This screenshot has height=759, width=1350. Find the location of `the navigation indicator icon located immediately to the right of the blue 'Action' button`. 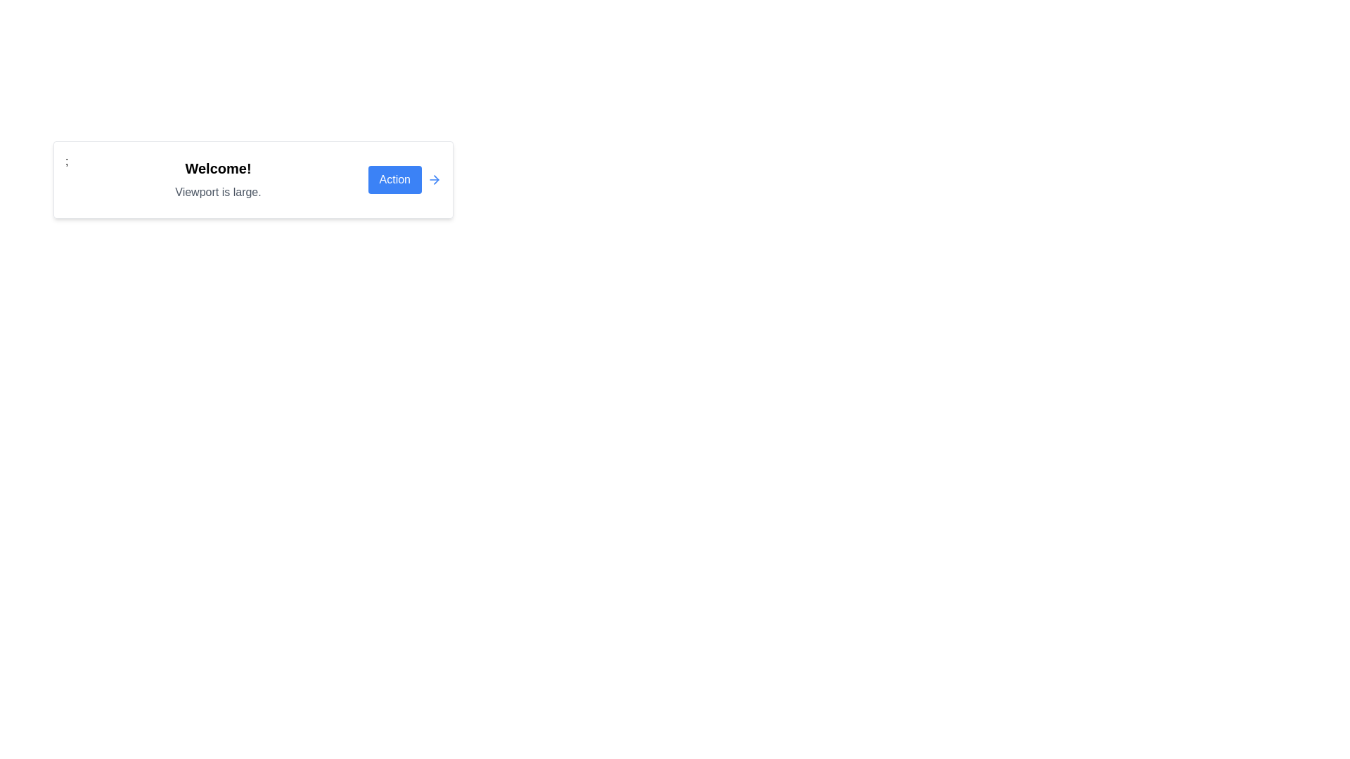

the navigation indicator icon located immediately to the right of the blue 'Action' button is located at coordinates (434, 179).